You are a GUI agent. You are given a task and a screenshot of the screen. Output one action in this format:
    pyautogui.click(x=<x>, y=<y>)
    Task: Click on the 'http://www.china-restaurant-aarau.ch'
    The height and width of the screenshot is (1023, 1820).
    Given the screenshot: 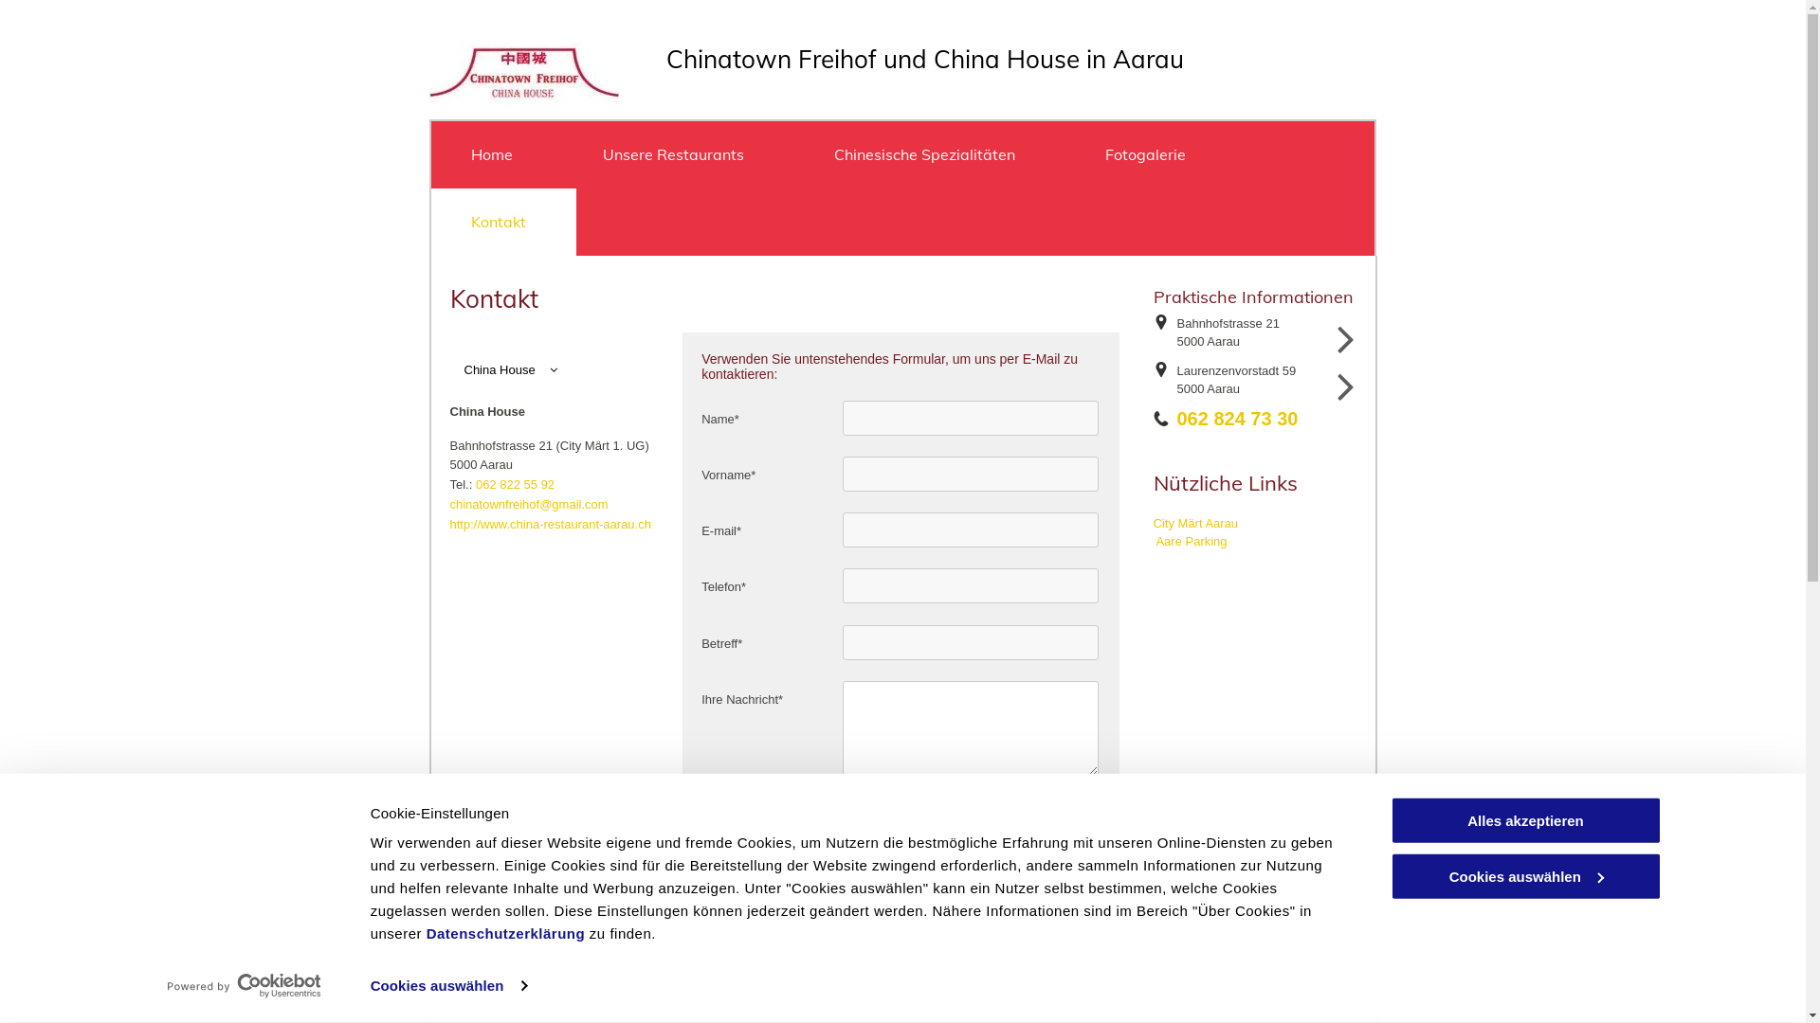 What is the action you would take?
    pyautogui.click(x=448, y=524)
    